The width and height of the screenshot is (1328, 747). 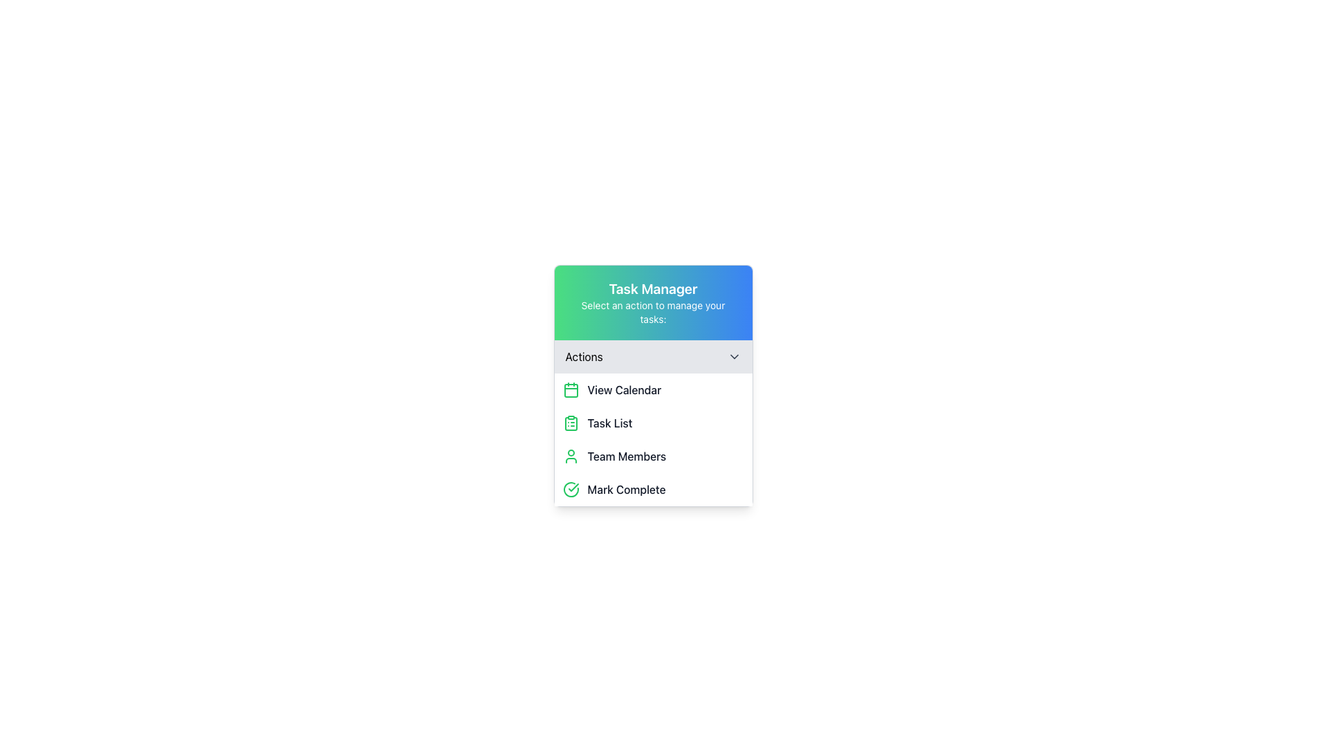 I want to click on the dropdown menu located in the 'Task Manager' panel, so click(x=652, y=356).